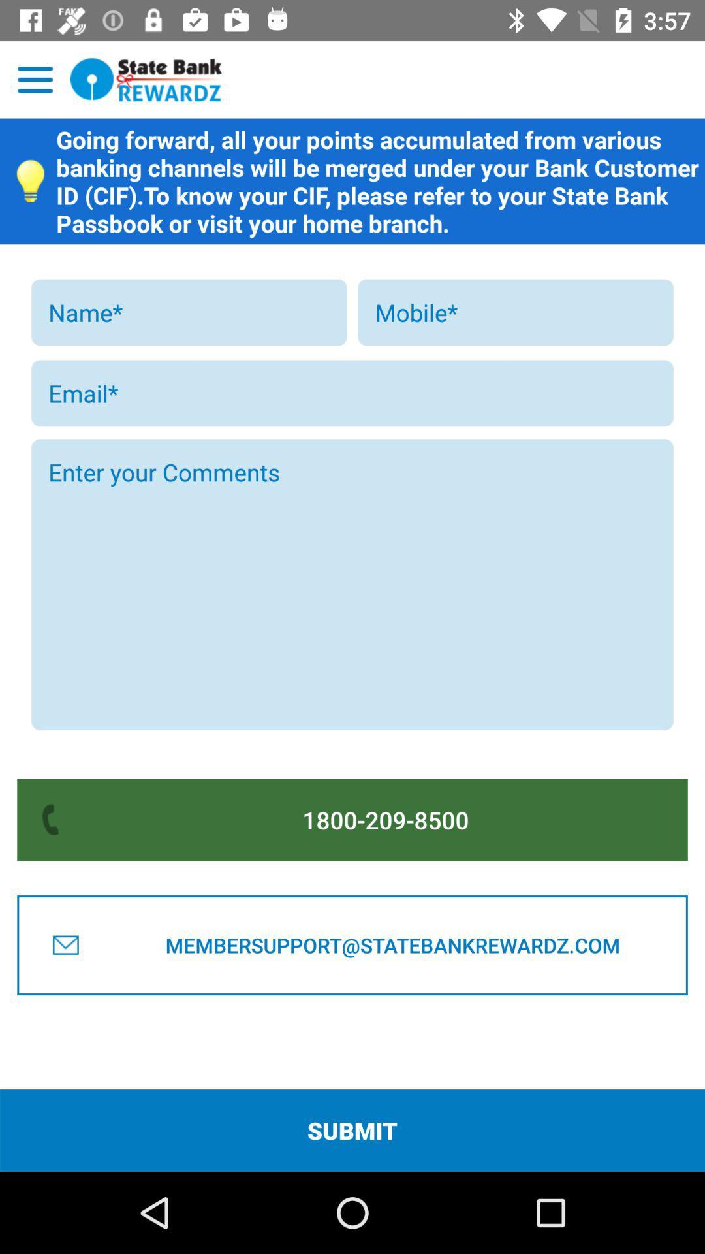  Describe the element at coordinates (352, 1130) in the screenshot. I see `the submit item` at that location.